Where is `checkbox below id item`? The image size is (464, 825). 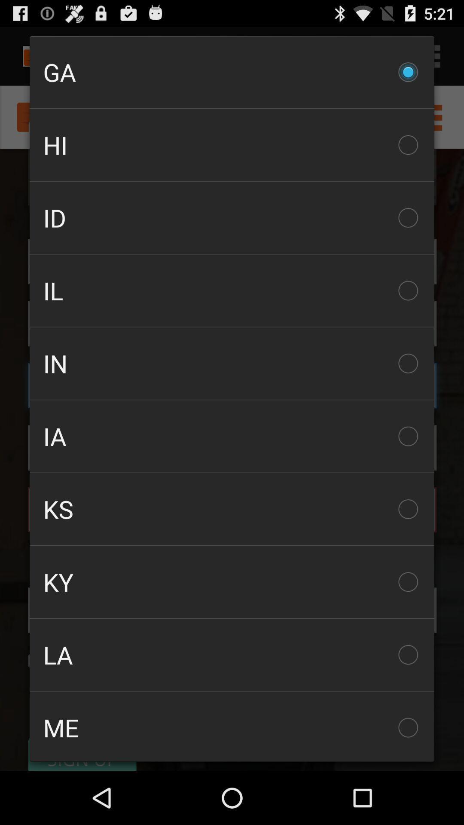
checkbox below id item is located at coordinates (232, 290).